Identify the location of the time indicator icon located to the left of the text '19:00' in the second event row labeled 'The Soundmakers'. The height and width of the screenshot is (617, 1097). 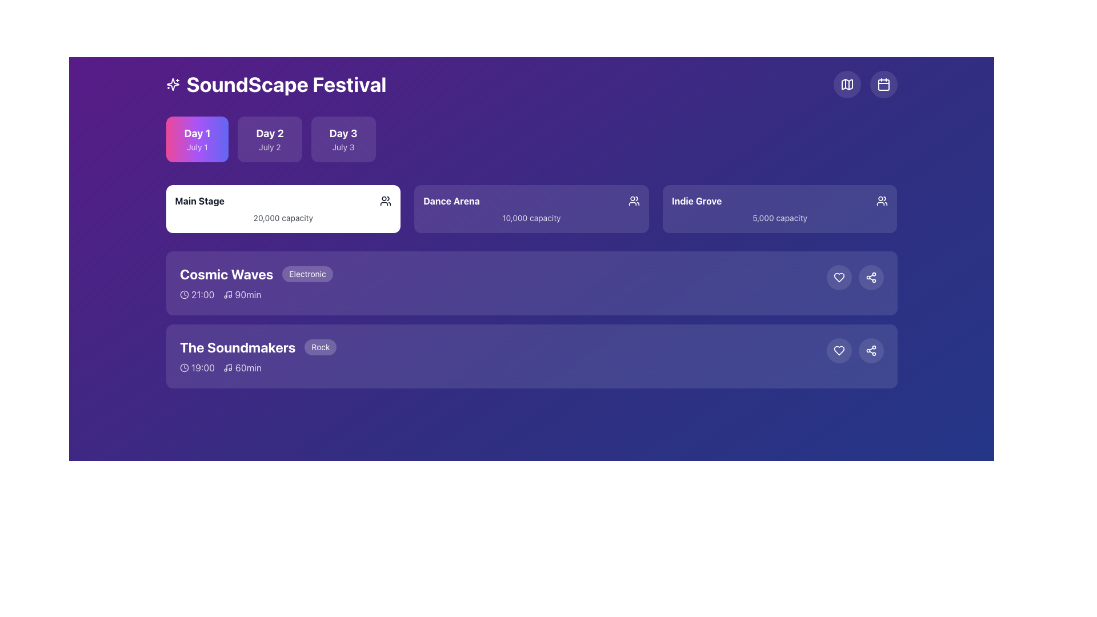
(184, 368).